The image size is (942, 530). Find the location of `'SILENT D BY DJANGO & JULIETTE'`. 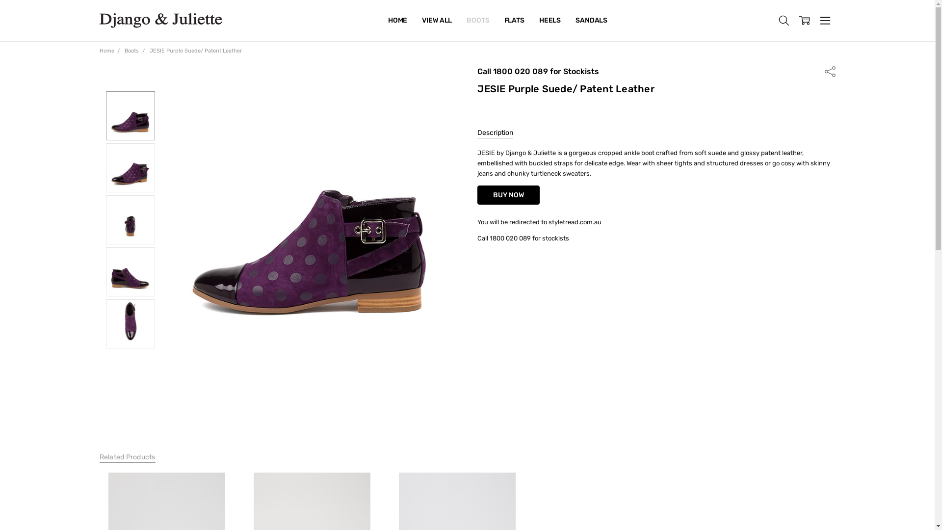

'SILENT D BY DJANGO & JULIETTE' is located at coordinates (442, 21).